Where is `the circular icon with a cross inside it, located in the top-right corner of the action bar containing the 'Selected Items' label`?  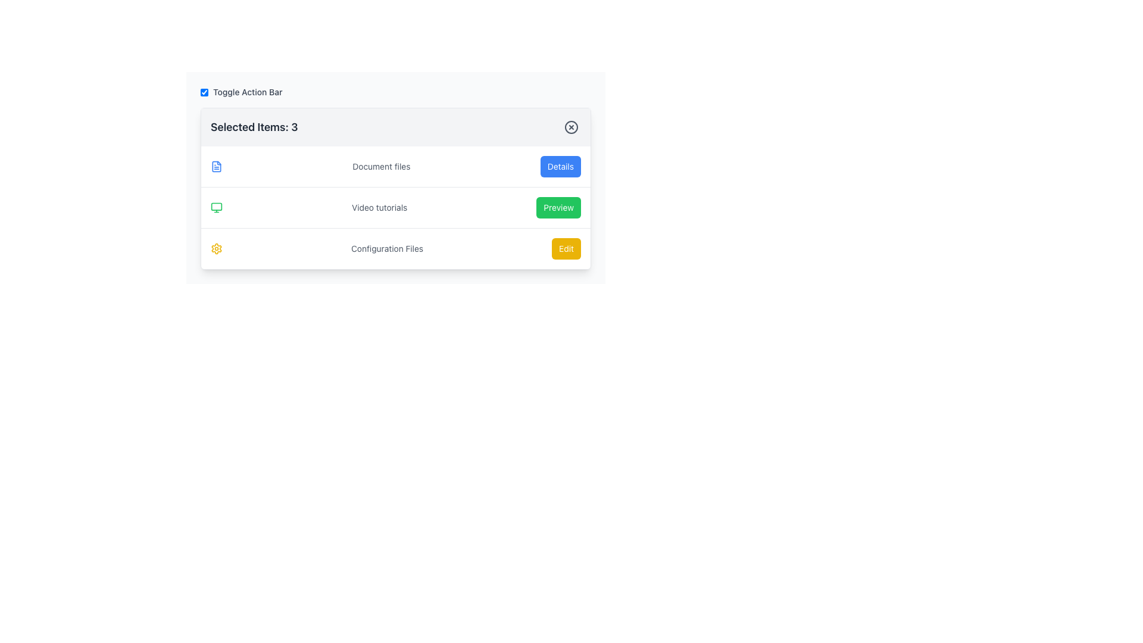 the circular icon with a cross inside it, located in the top-right corner of the action bar containing the 'Selected Items' label is located at coordinates (571, 127).